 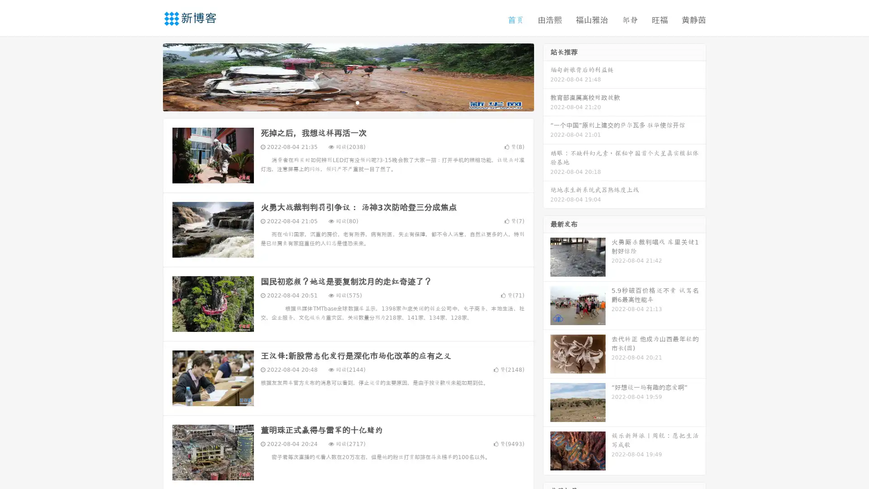 What do you see at coordinates (348, 102) in the screenshot?
I see `Go to slide 2` at bounding box center [348, 102].